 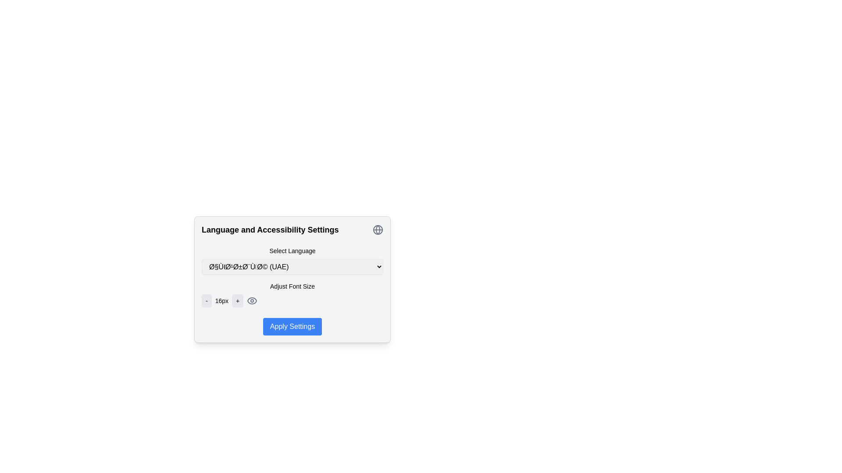 What do you see at coordinates (378, 229) in the screenshot?
I see `the decorative SVG circle representing the circular boundary of the globe icon located in the top-right corner of the settings interface` at bounding box center [378, 229].